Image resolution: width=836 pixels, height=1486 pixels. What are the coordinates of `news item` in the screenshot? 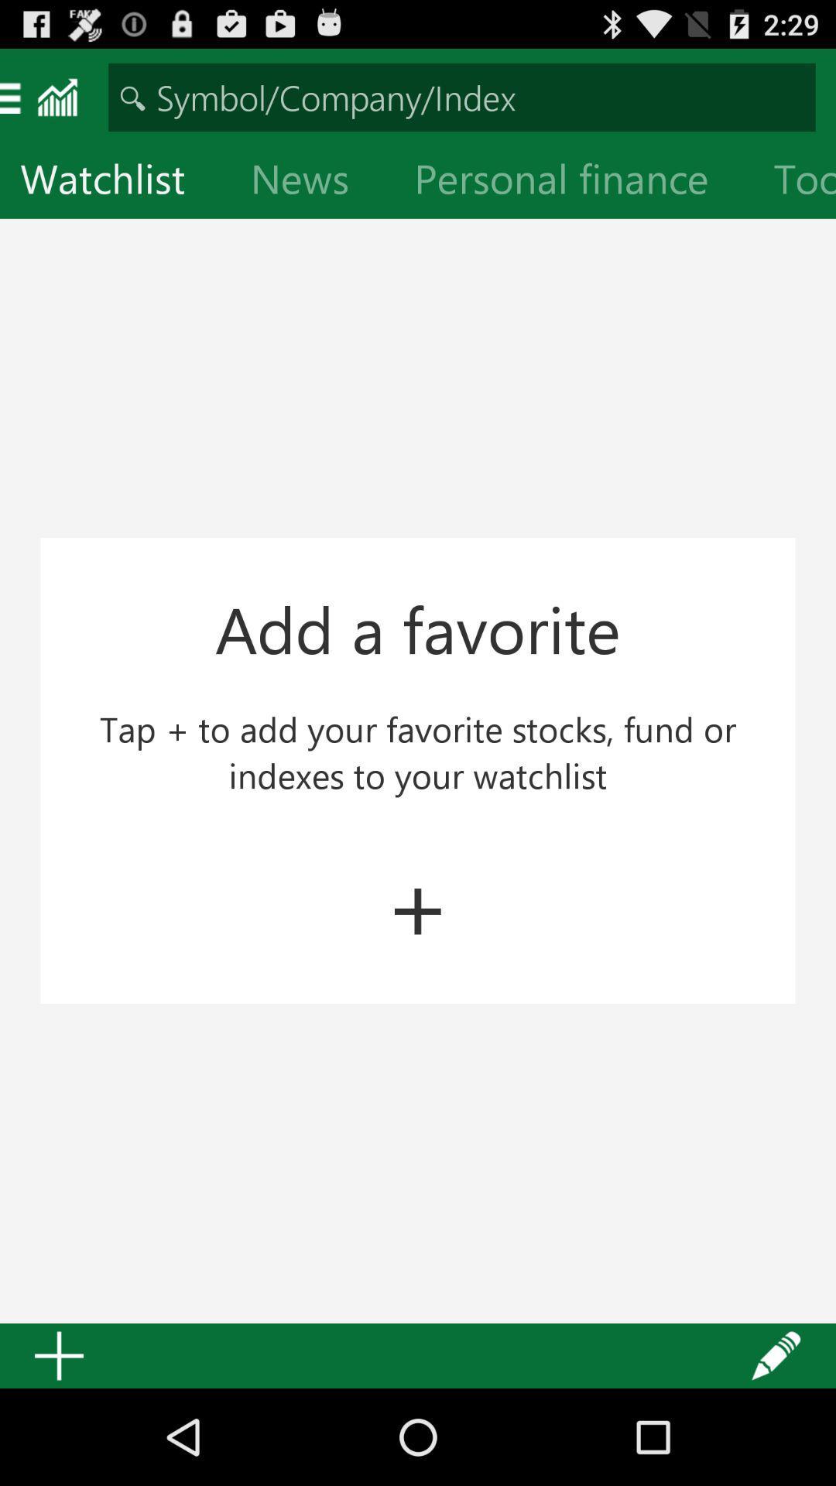 It's located at (312, 182).